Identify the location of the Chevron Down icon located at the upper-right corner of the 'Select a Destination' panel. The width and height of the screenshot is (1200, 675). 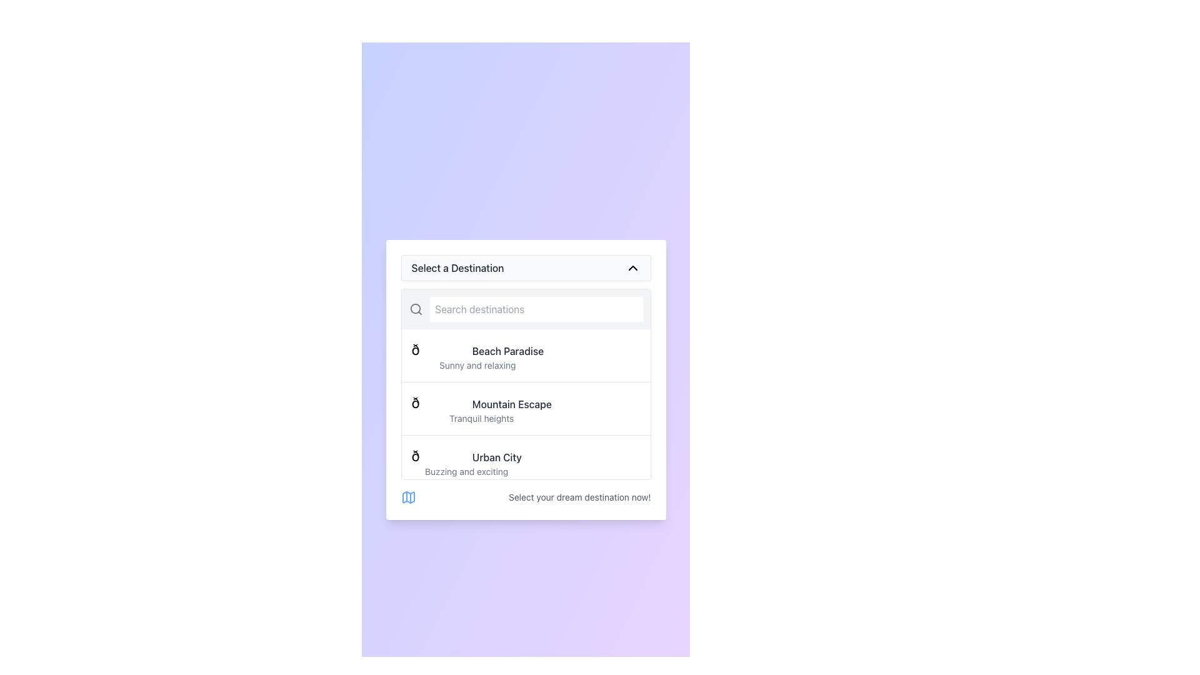
(632, 267).